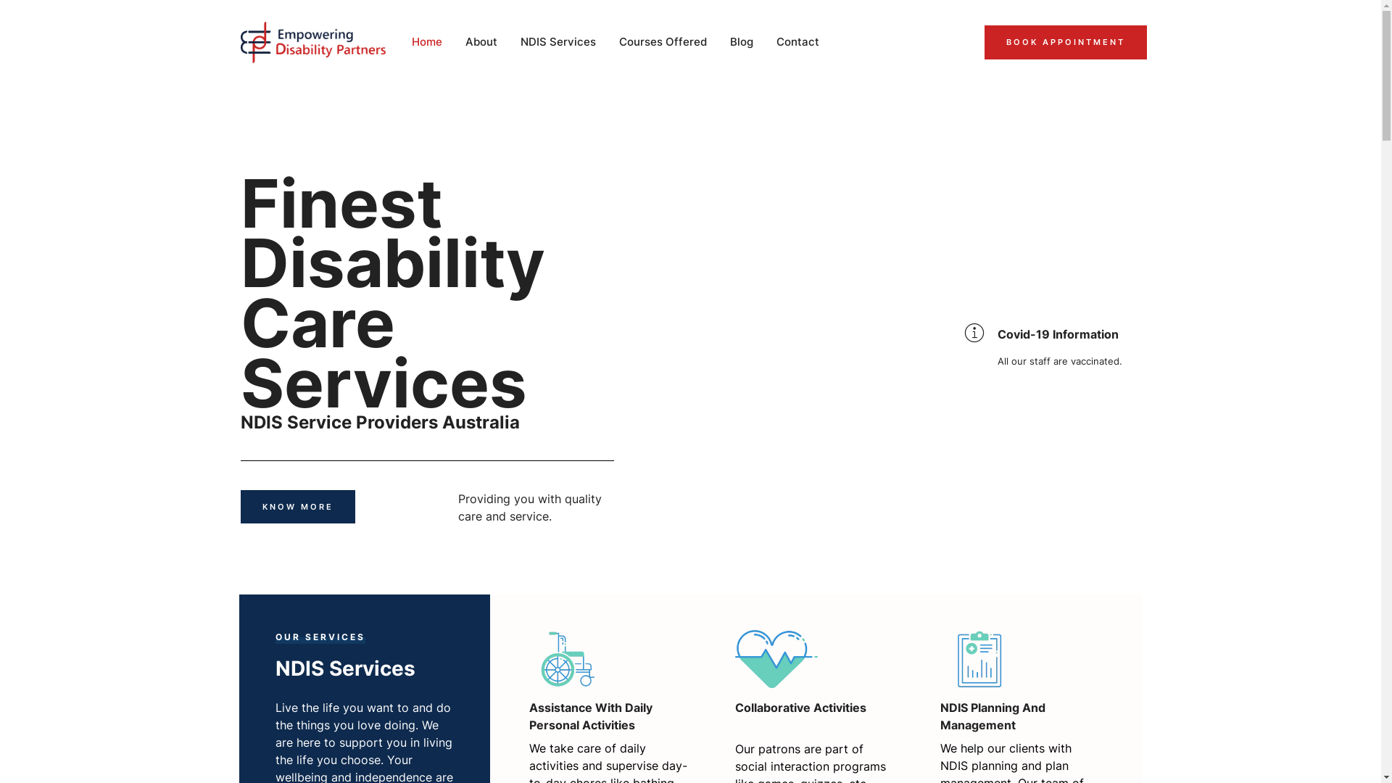 This screenshot has width=1392, height=783. I want to click on 'Contact', so click(799, 41).